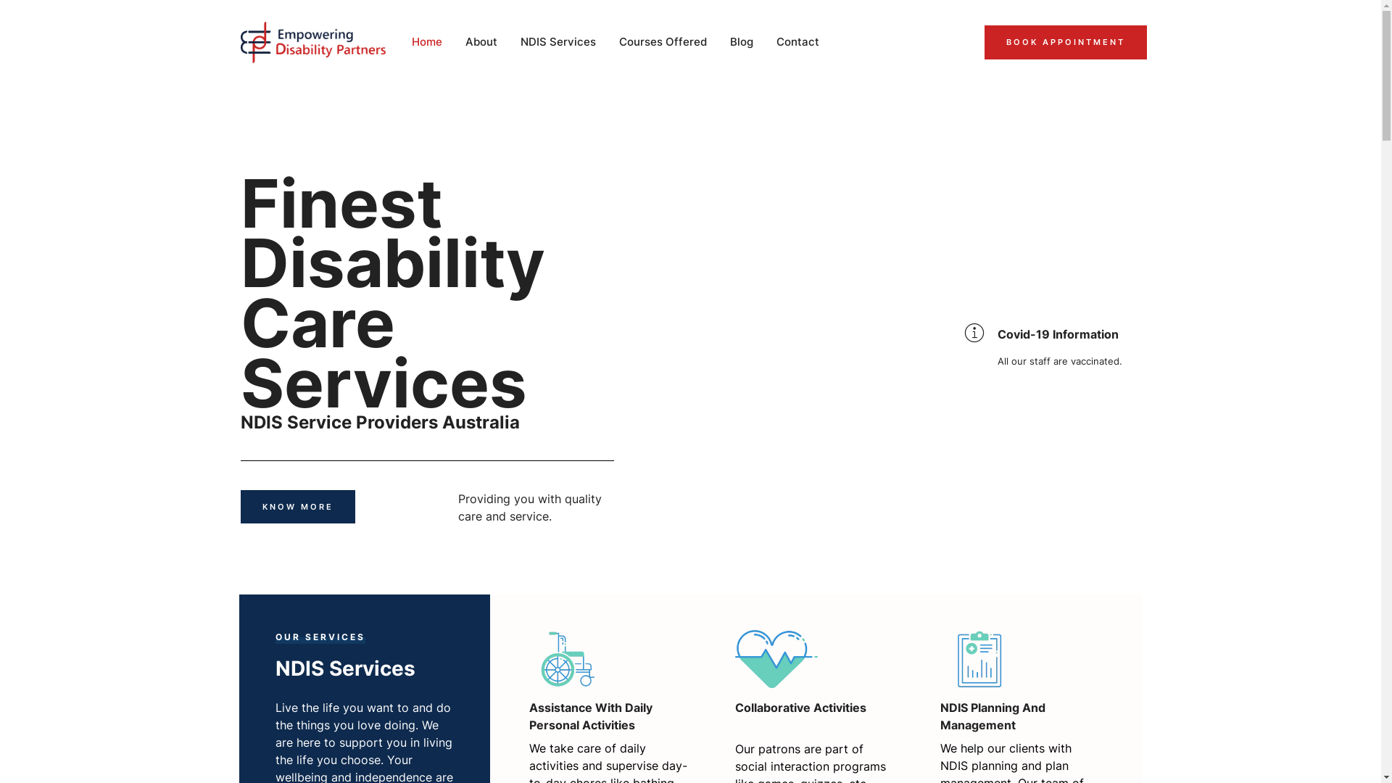 This screenshot has width=1392, height=783. I want to click on 'Contact', so click(799, 41).